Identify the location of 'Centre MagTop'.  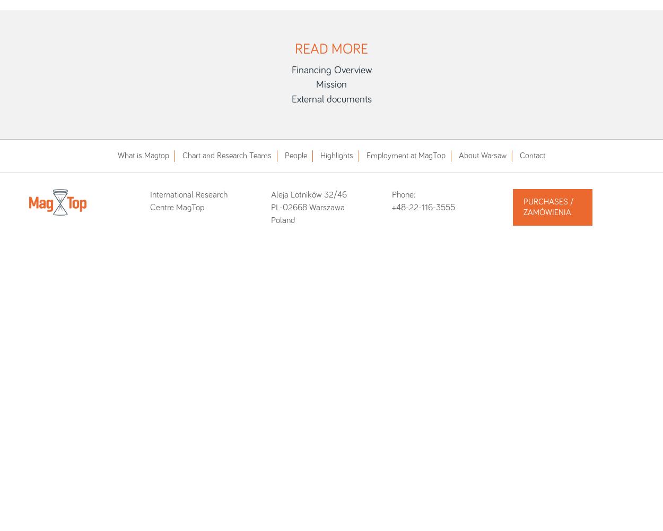
(177, 208).